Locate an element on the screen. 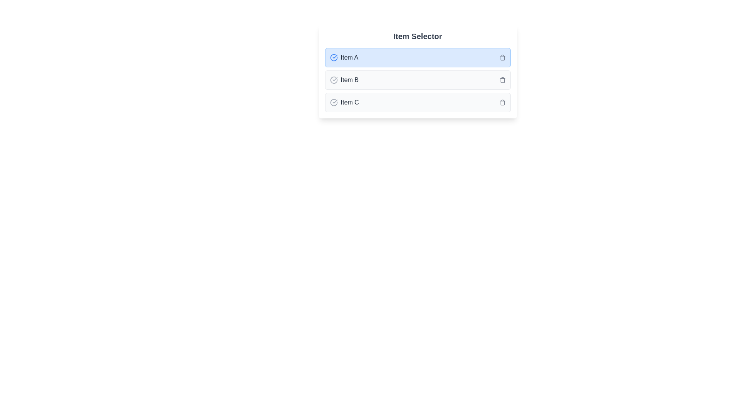 The image size is (743, 418). the Text Label displaying 'Item B', which is the second item in the 'Item Selector' list and is styled with medium font weight and gray color is located at coordinates (344, 80).